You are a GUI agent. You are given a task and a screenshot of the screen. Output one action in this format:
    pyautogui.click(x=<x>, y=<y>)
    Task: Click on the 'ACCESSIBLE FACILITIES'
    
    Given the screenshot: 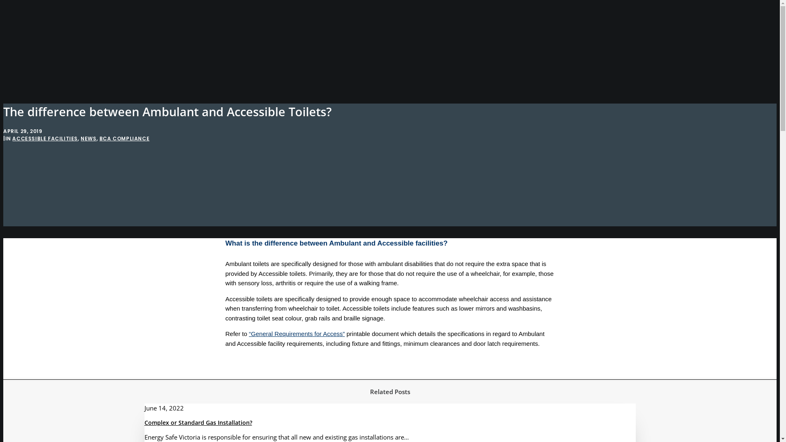 What is the action you would take?
    pyautogui.click(x=45, y=138)
    